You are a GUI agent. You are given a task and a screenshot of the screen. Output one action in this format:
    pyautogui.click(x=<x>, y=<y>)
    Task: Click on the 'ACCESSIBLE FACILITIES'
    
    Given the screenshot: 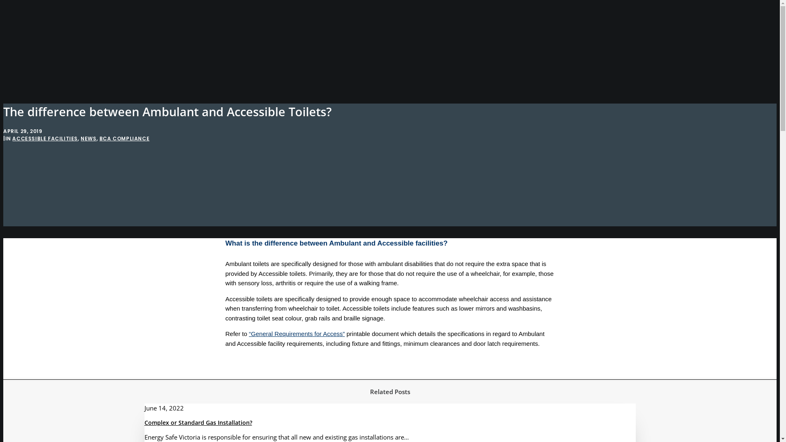 What is the action you would take?
    pyautogui.click(x=45, y=138)
    